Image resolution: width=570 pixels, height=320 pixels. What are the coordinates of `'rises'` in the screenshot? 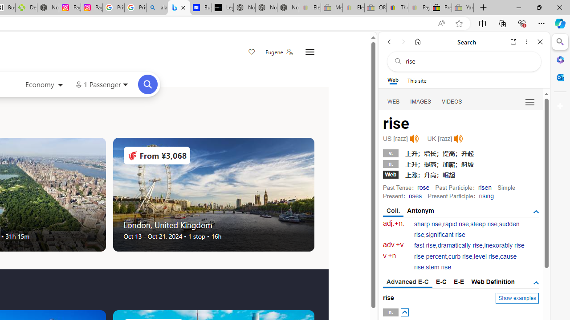 It's located at (415, 196).